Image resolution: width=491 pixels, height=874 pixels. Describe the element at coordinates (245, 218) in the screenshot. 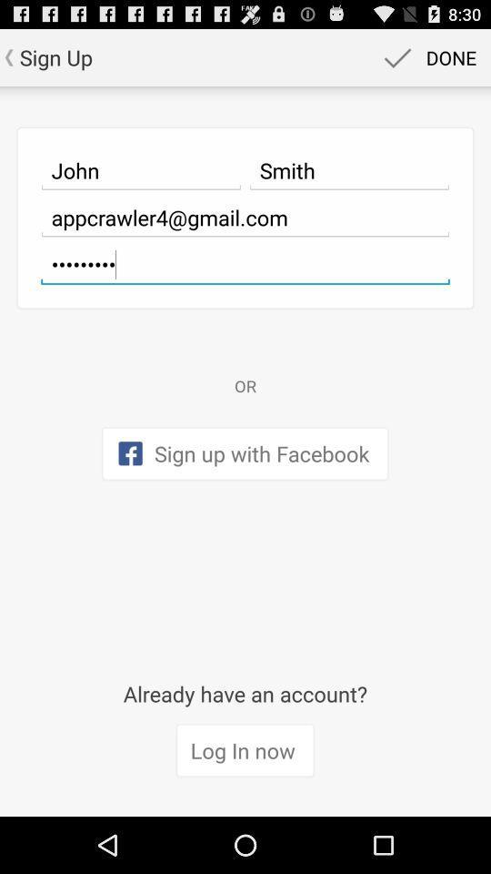

I see `the appcrawler4@gmail.com item` at that location.